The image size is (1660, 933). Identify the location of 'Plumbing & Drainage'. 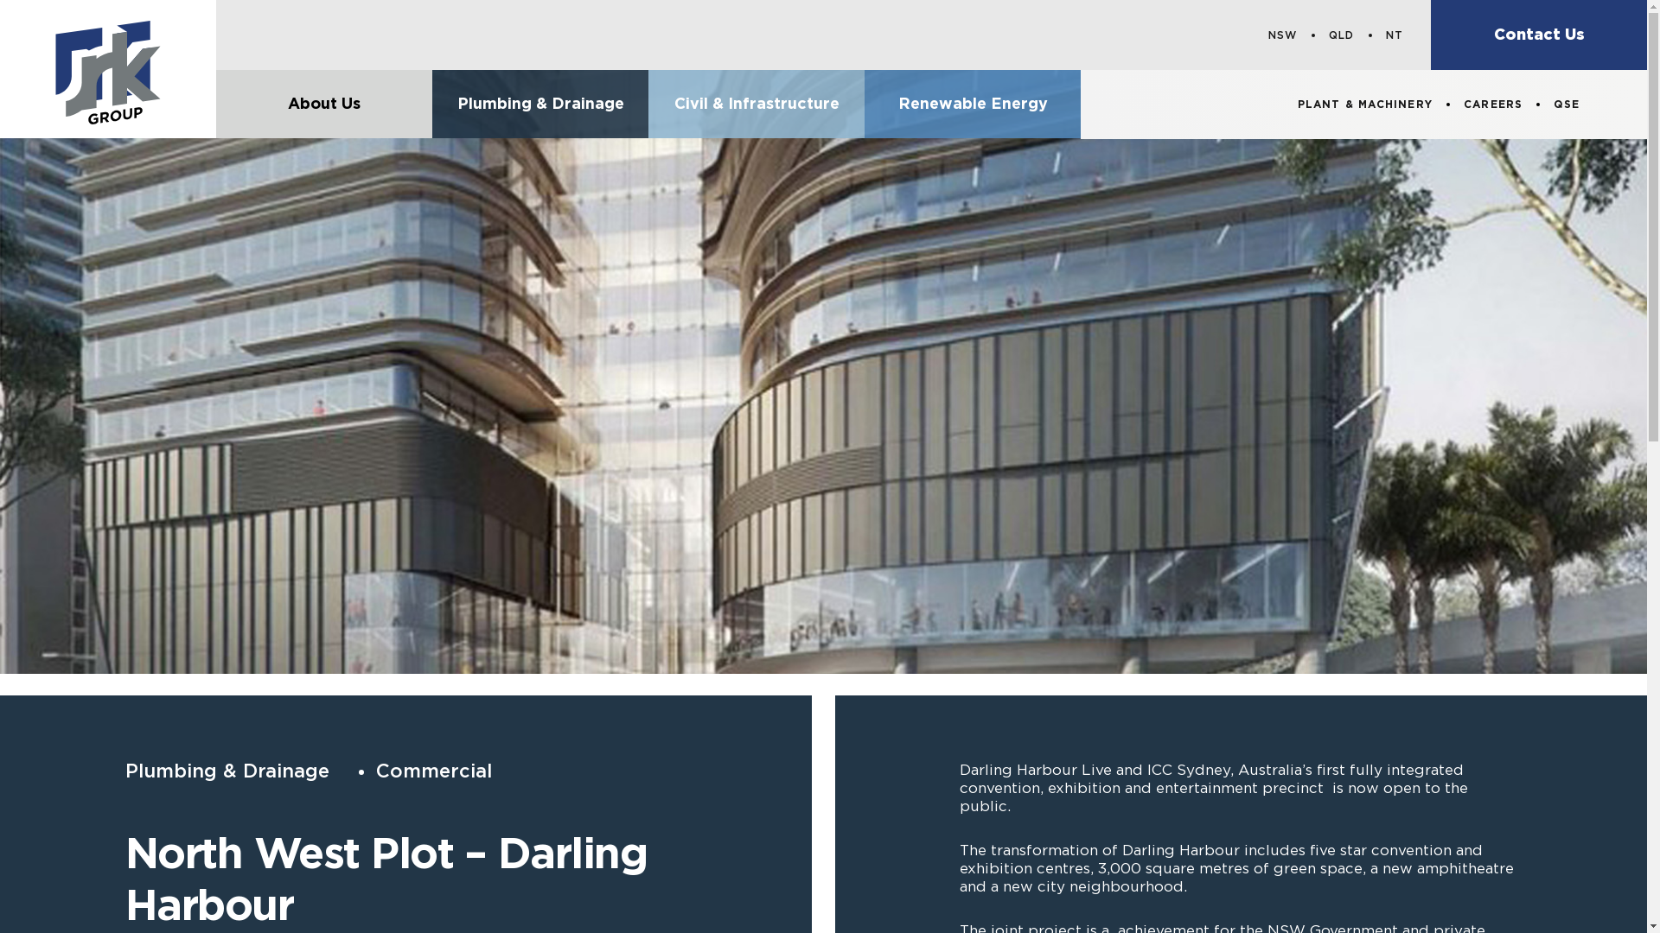
(539, 104).